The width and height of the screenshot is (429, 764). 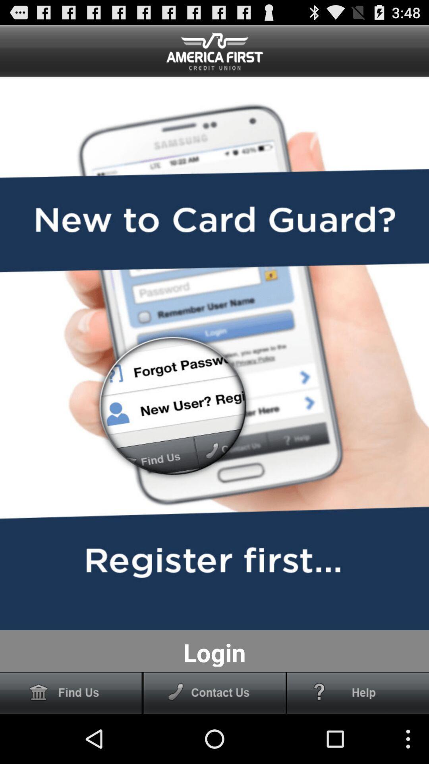 I want to click on help button, so click(x=358, y=692).